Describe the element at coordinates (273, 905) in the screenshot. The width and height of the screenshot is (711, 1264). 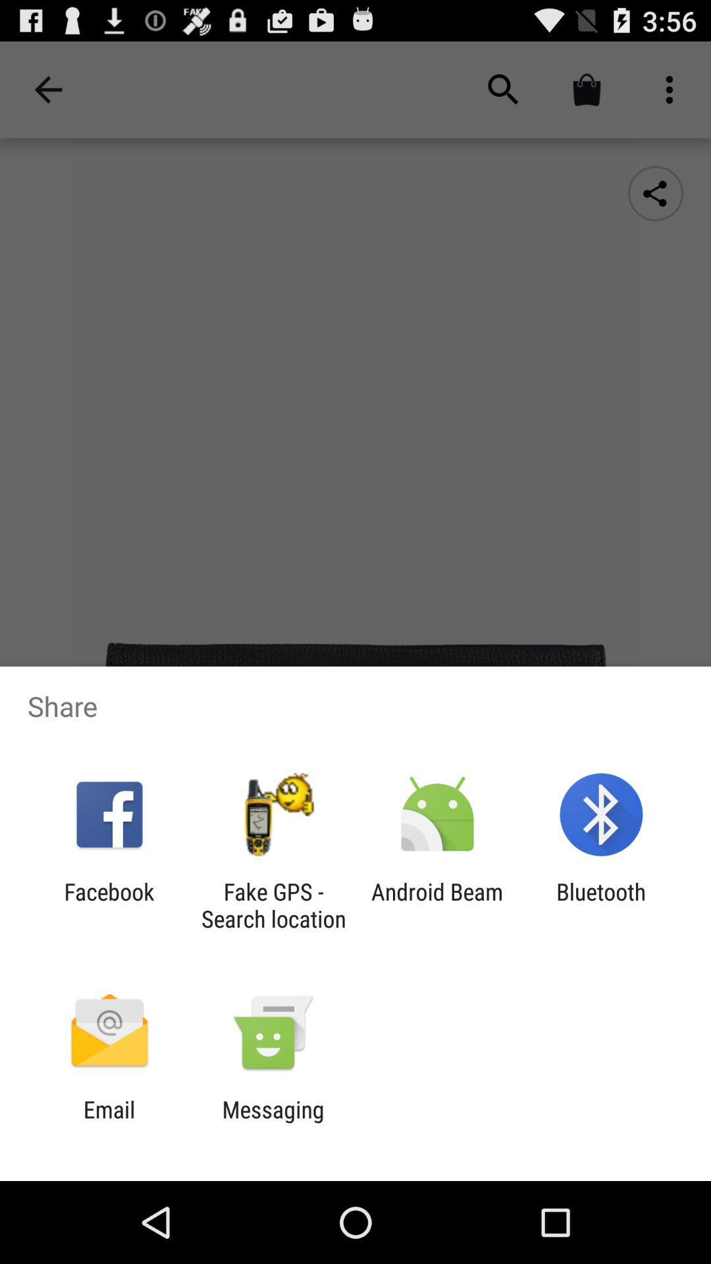
I see `icon next to the android beam` at that location.